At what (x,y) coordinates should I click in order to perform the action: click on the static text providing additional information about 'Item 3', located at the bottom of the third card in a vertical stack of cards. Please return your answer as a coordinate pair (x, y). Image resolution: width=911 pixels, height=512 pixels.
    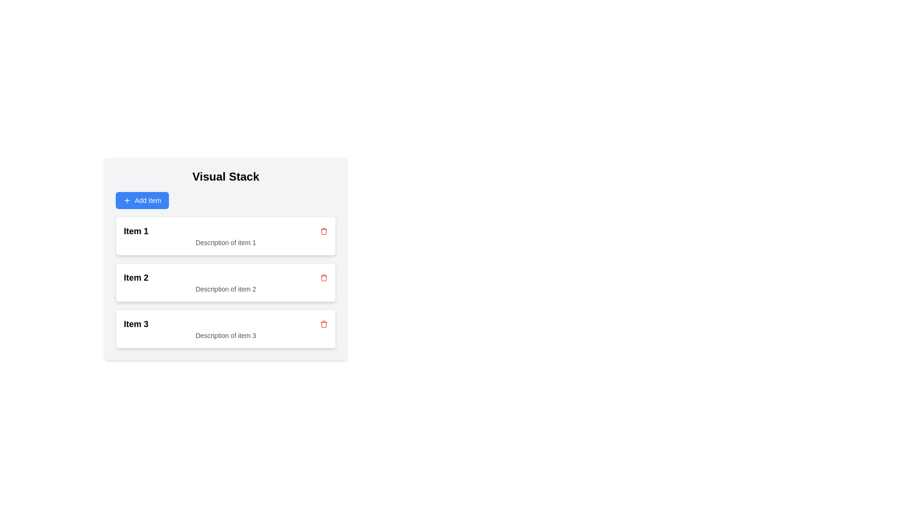
    Looking at the image, I should click on (225, 335).